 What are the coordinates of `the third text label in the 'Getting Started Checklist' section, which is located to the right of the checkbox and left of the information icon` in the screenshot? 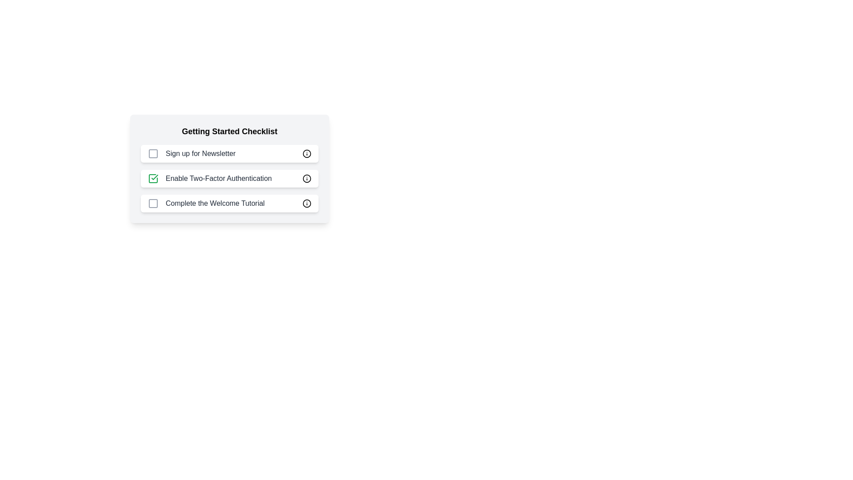 It's located at (215, 204).